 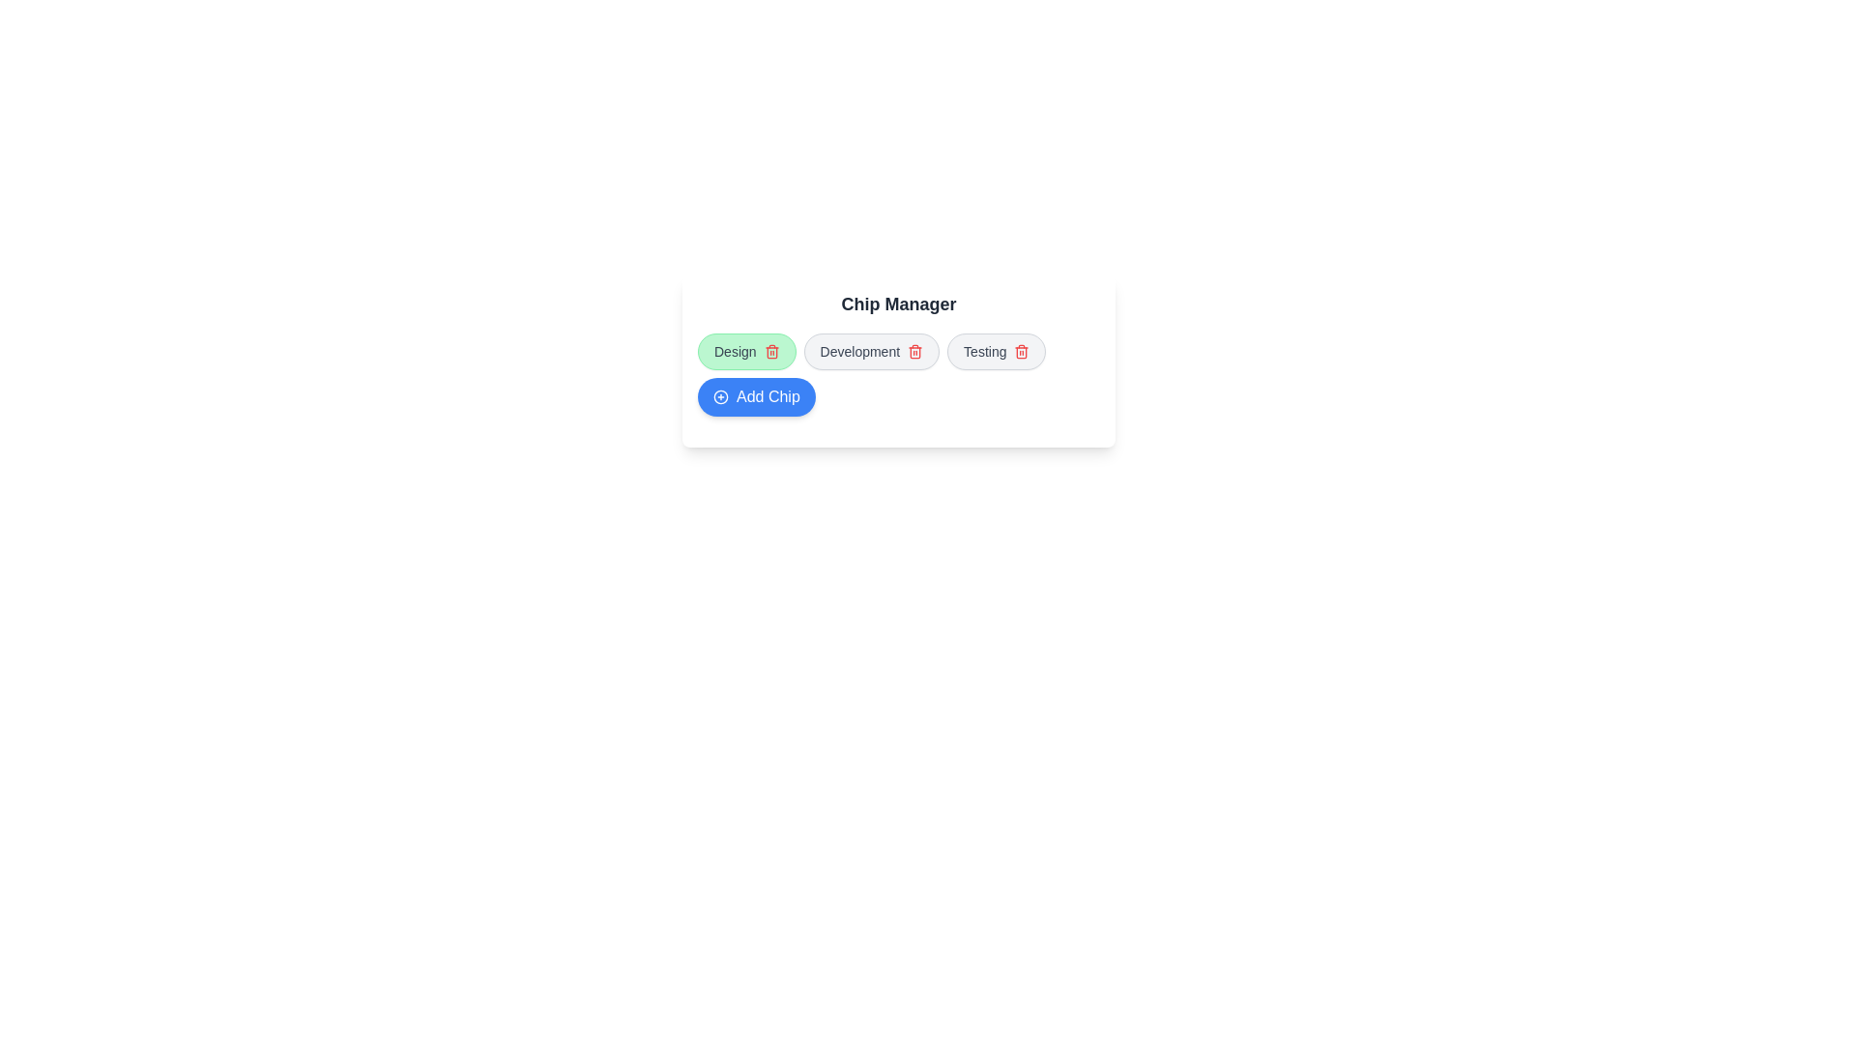 What do you see at coordinates (870, 351) in the screenshot?
I see `the chip labeled Development to toggle its active state` at bounding box center [870, 351].